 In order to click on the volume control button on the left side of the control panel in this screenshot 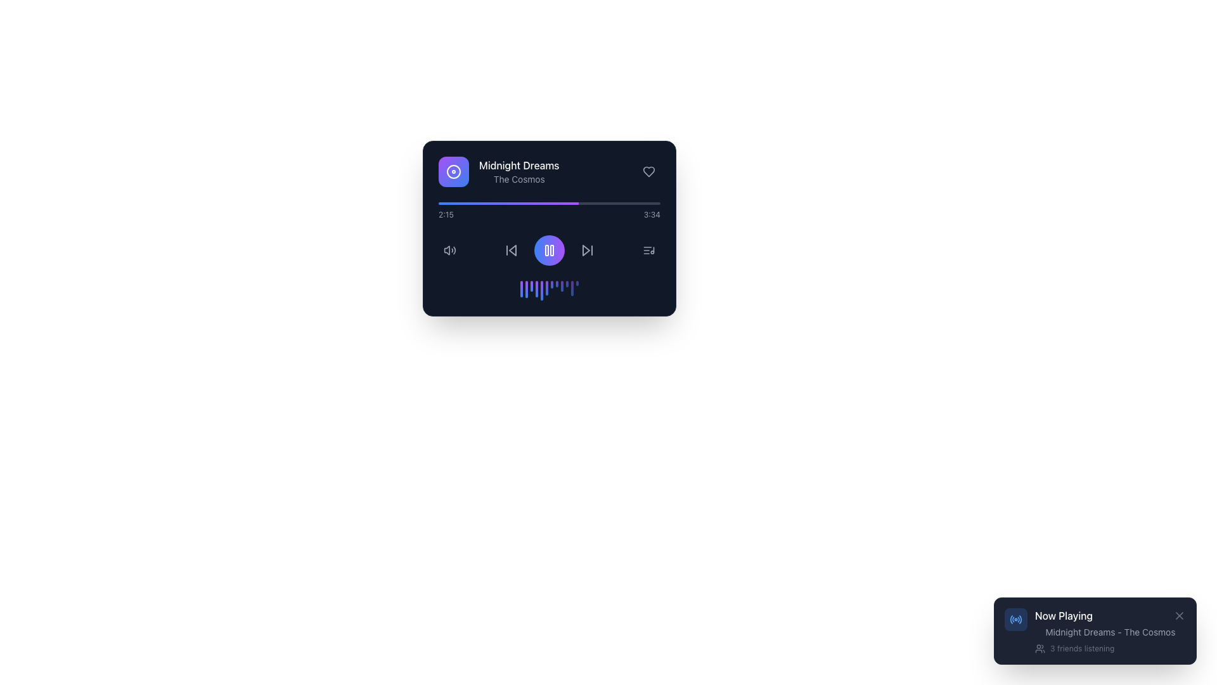, I will do `click(450, 250)`.